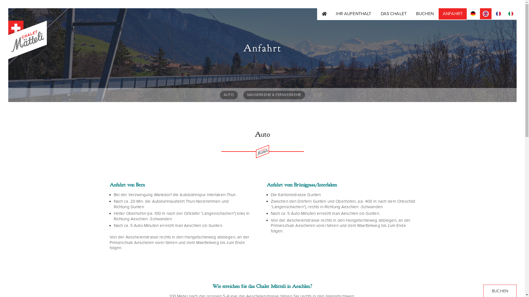  Describe the element at coordinates (473, 13) in the screenshot. I see `'German'` at that location.